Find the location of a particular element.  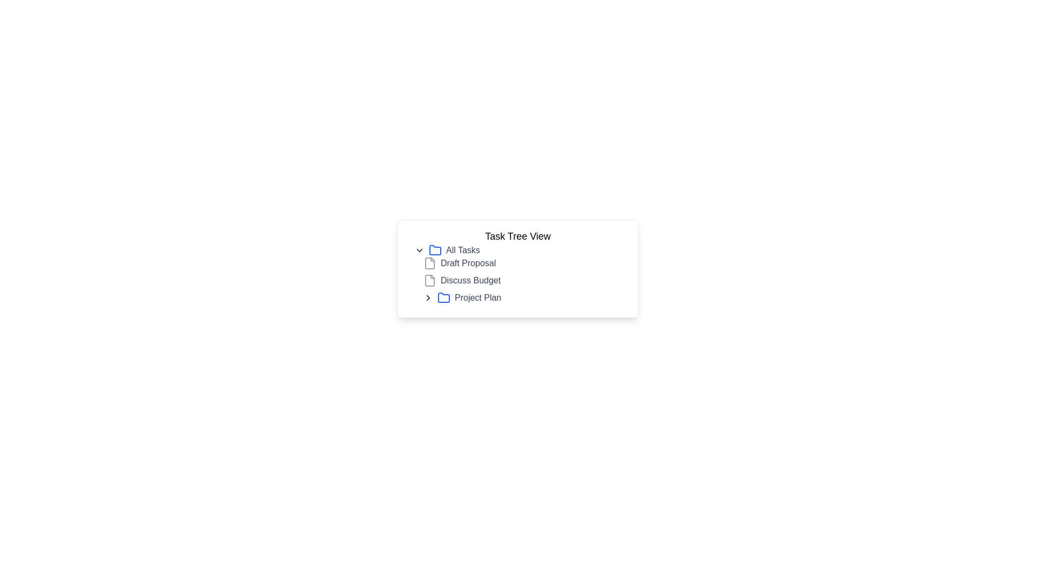

the document icon, which has a white background with grayish borders and a folded upper-right corner, located next to the 'Draft Proposal' text in the task tree view is located at coordinates (429, 263).